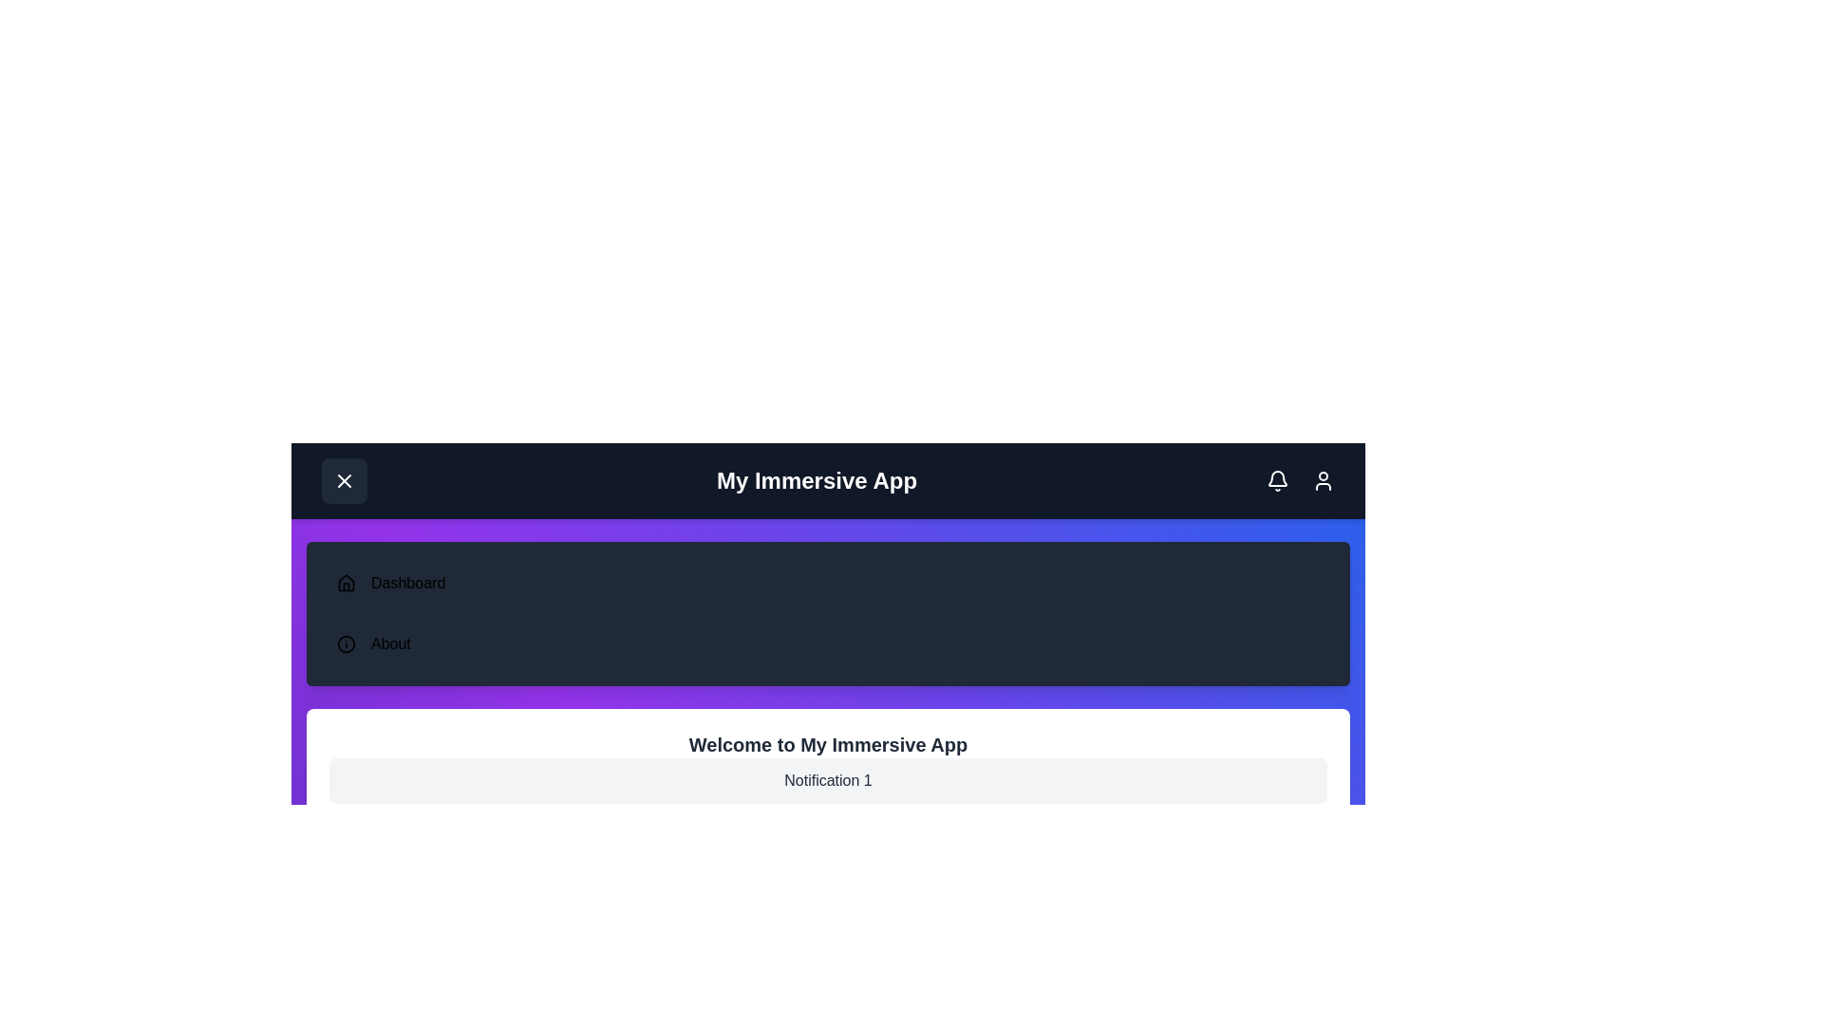  I want to click on the user icon in the header to open the user account menu, so click(1322, 479).